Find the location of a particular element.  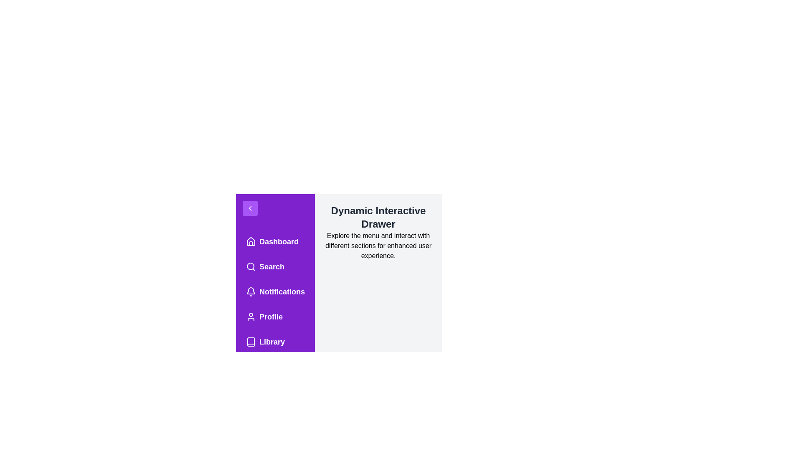

the menu item Library to highlight it is located at coordinates (275, 342).